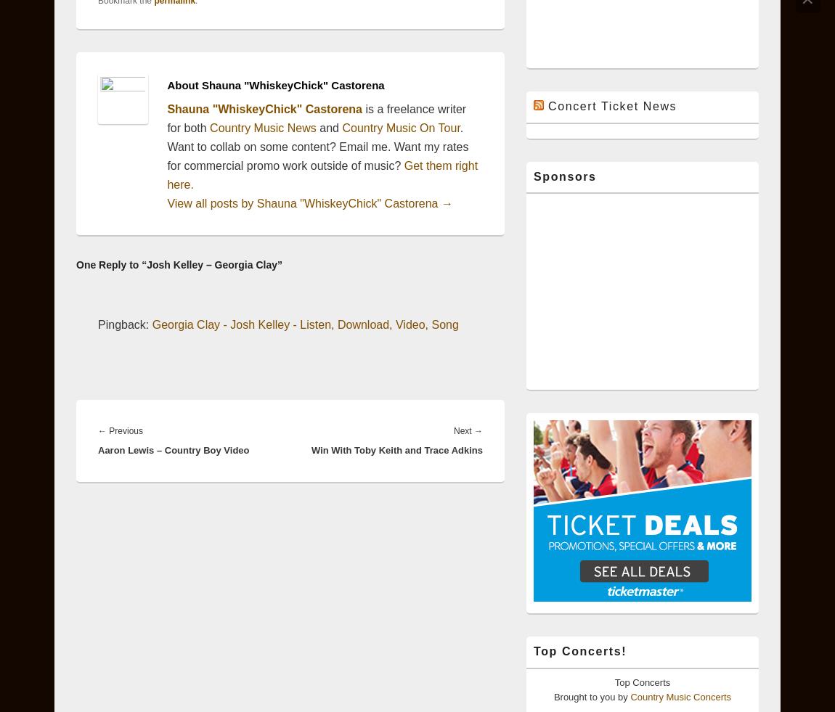 Image resolution: width=835 pixels, height=712 pixels. Describe the element at coordinates (547, 105) in the screenshot. I see `'Concert Ticket News'` at that location.